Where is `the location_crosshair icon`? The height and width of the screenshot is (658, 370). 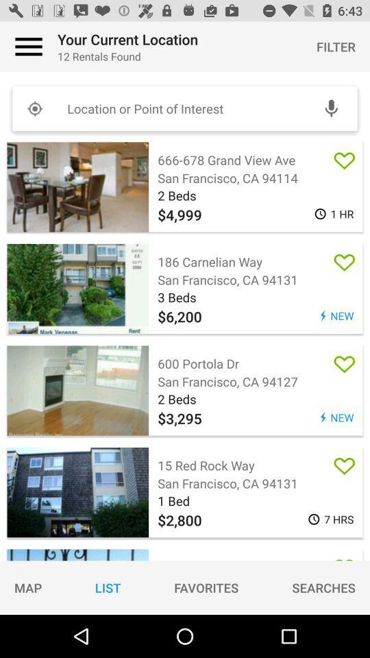 the location_crosshair icon is located at coordinates (34, 108).